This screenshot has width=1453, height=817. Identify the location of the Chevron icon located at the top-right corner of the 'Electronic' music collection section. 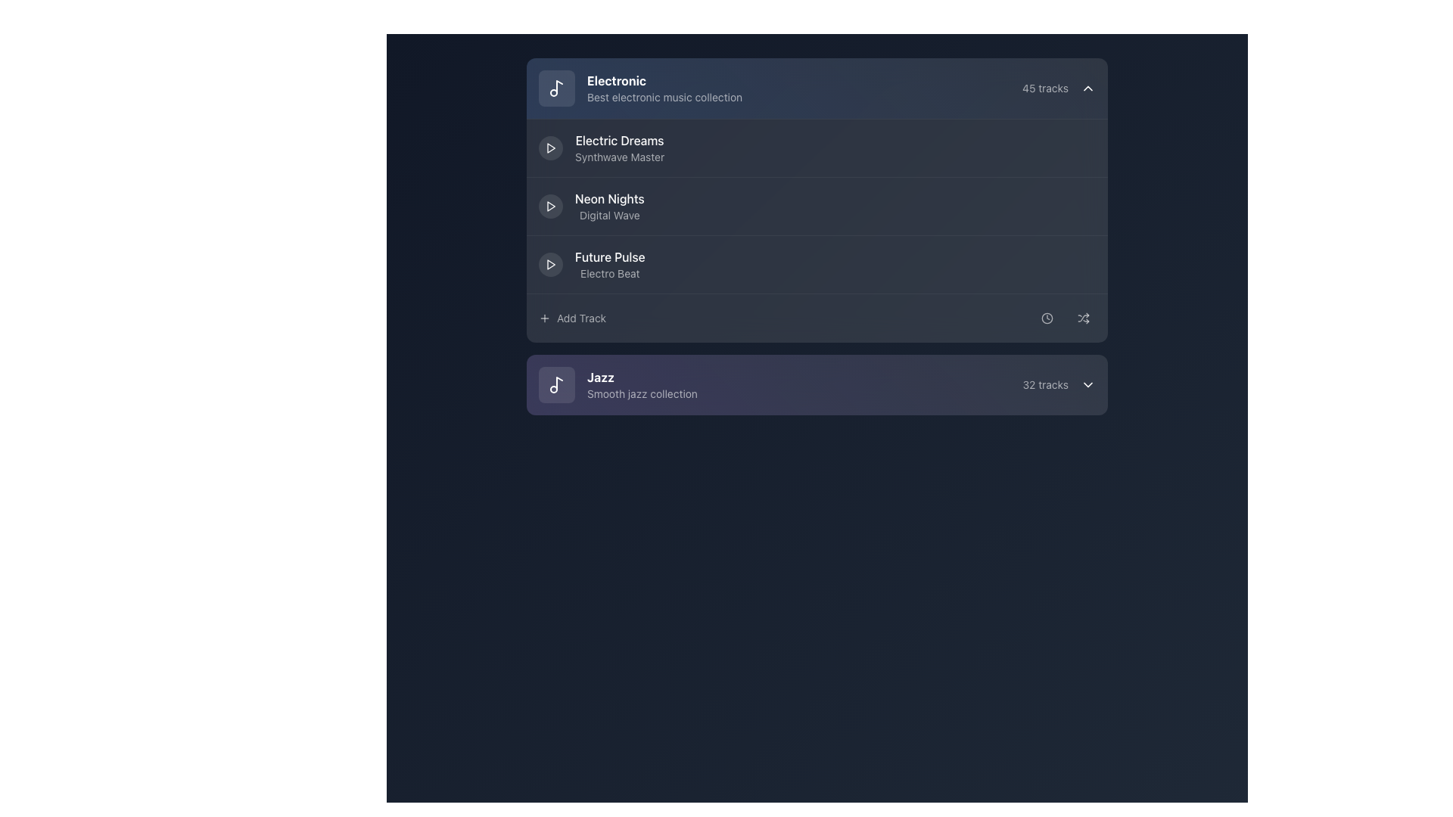
(1087, 88).